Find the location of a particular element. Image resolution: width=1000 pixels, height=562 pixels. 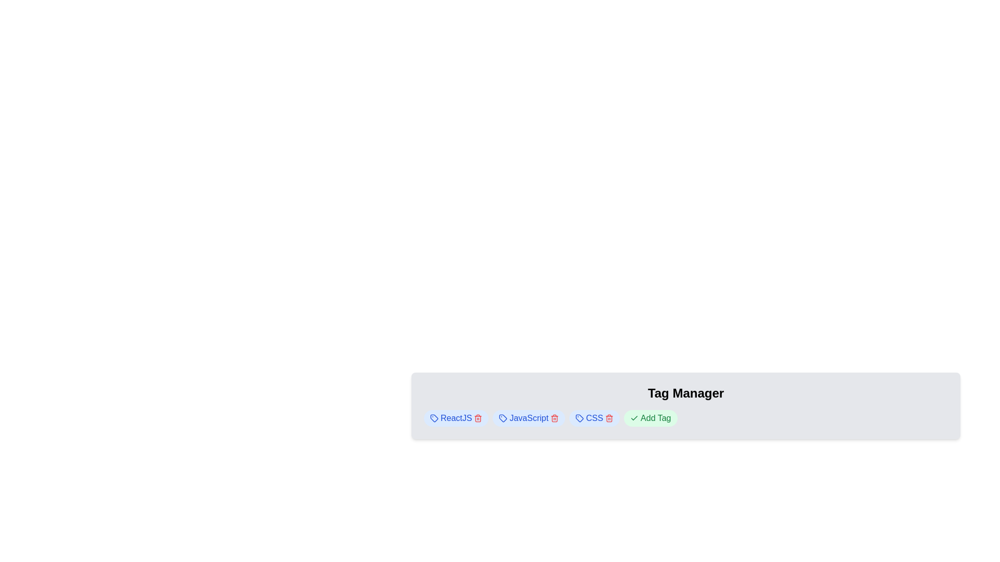

the 'Add Tag' button, which is a green pill-shaped button with dark green text and a checkmark icon, located in the 'Tag Manager' section is located at coordinates (650, 417).